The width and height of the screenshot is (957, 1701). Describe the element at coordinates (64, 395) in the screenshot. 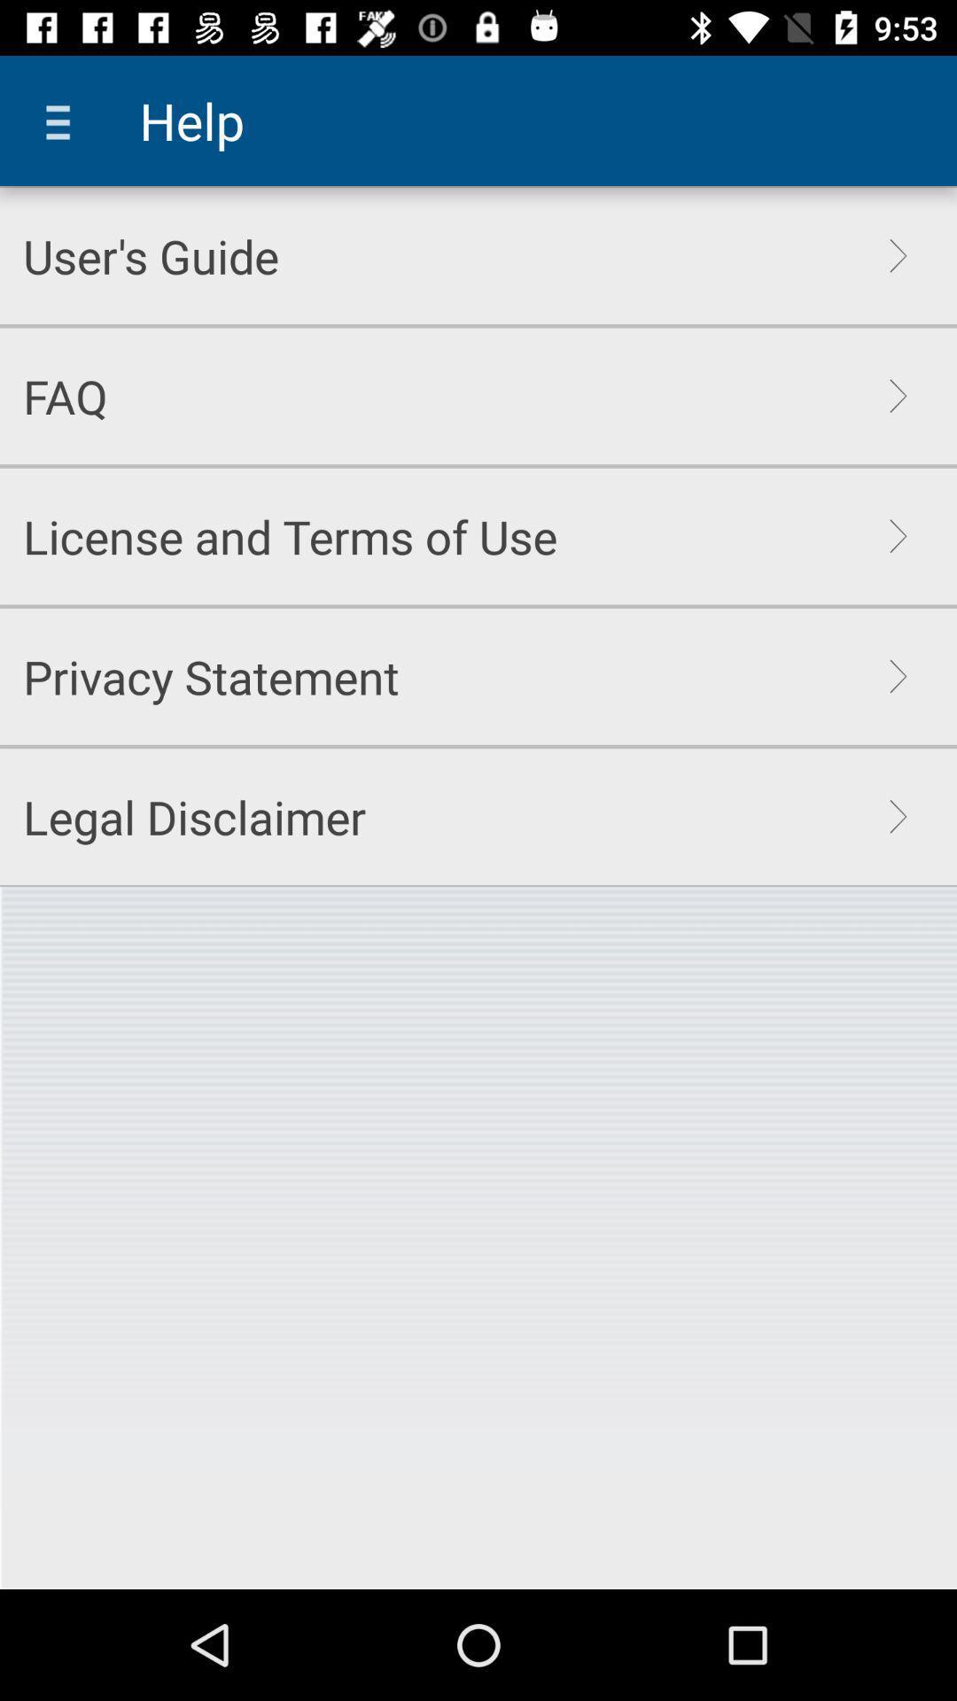

I see `item above license and terms` at that location.